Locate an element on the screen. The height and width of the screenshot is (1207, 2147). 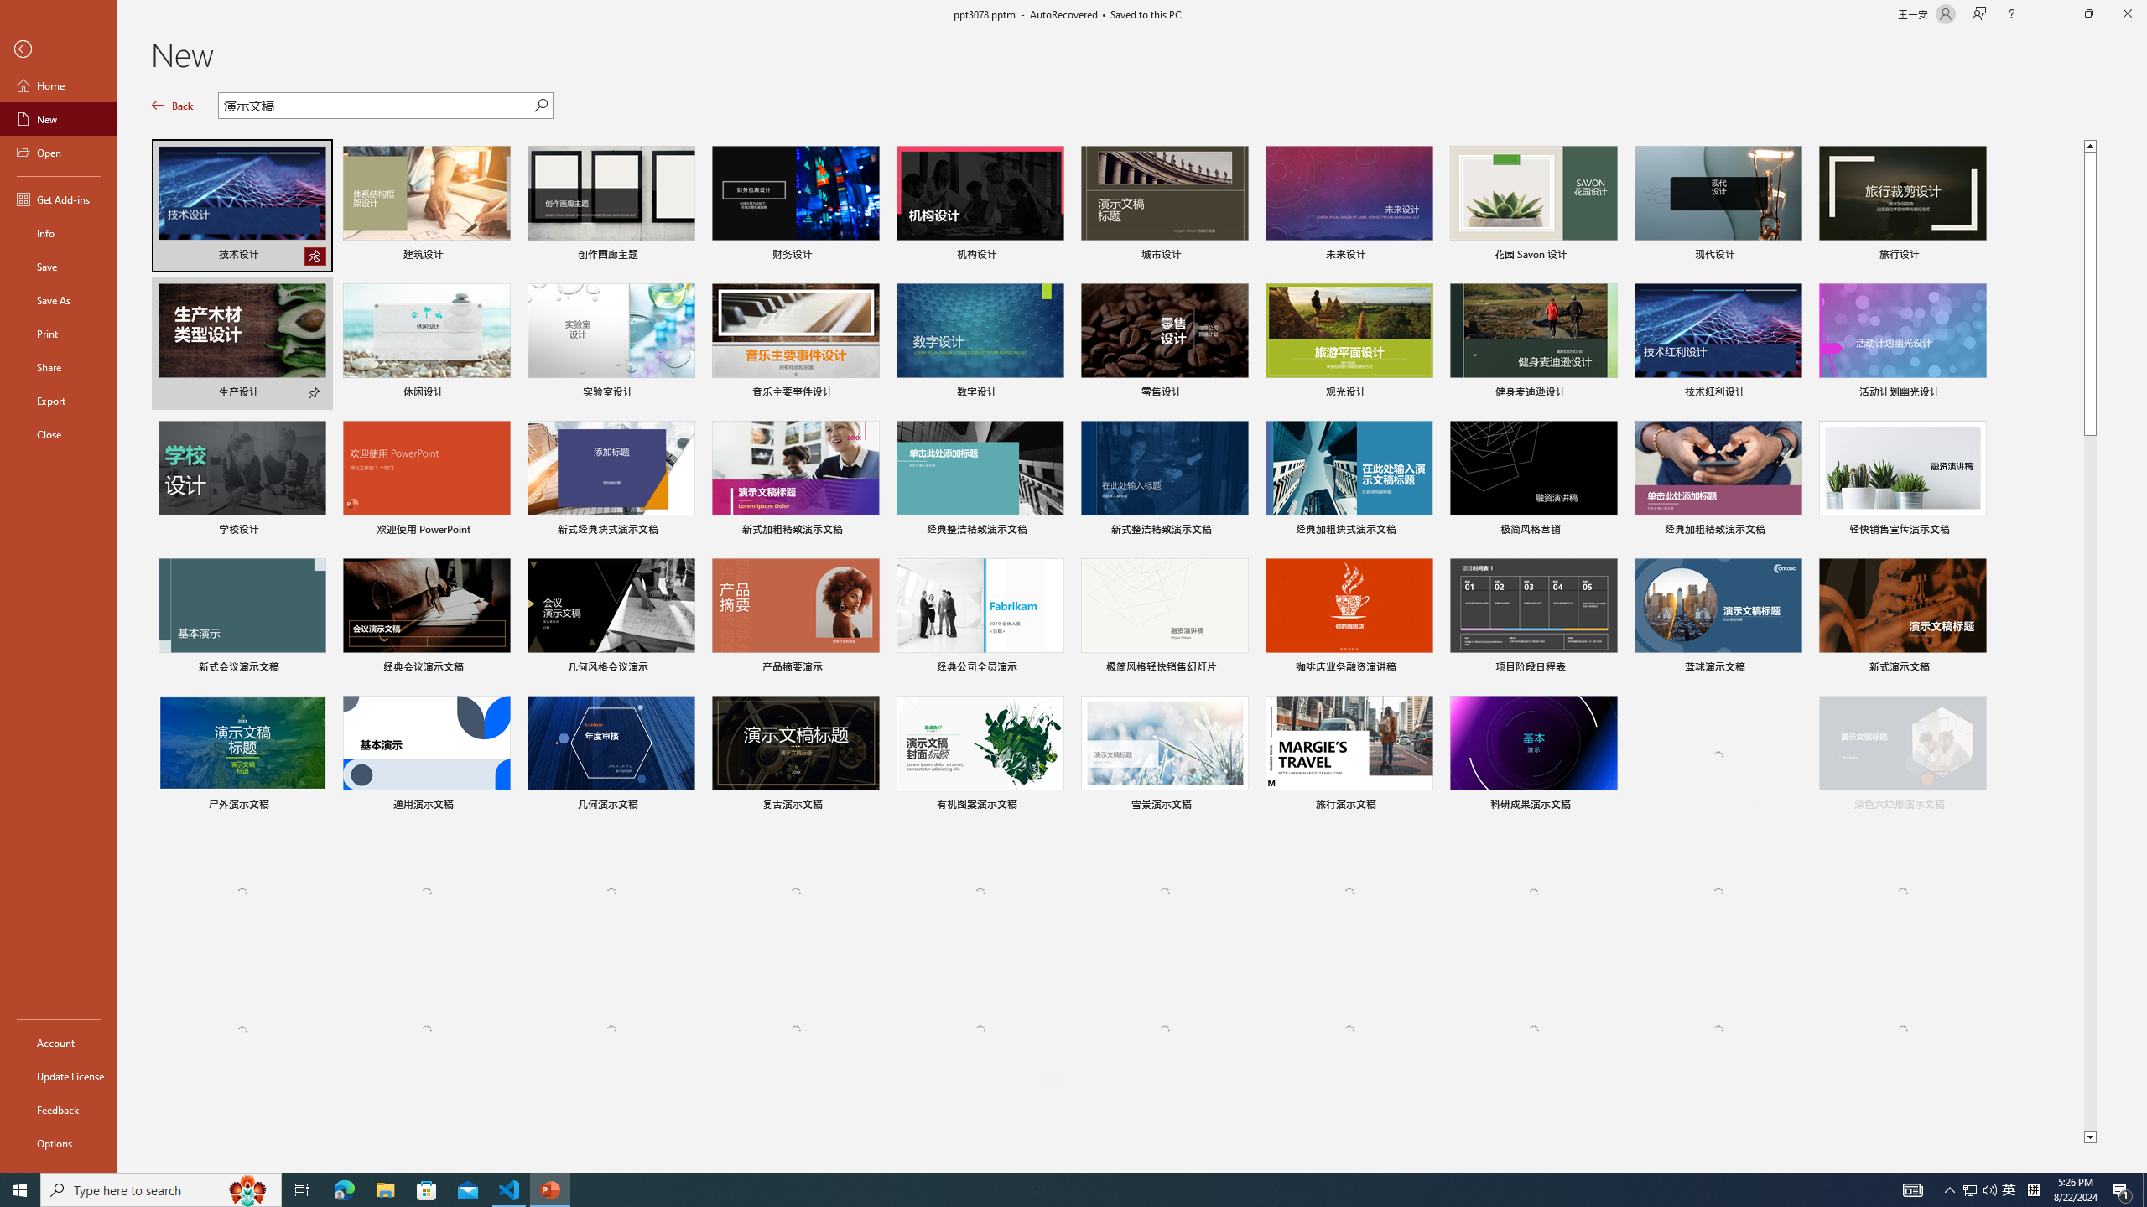
'Get Add-ins' is located at coordinates (58, 199).